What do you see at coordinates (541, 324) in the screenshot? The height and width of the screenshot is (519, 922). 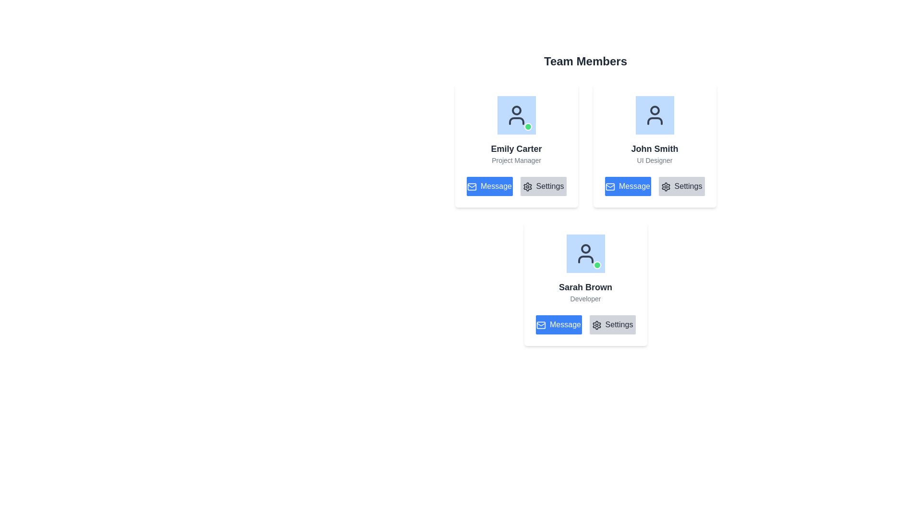 I see `the bottom part of the mail envelope icon, which is part of the mail icon adjacent to the blue 'Message' button under John Smith's profile box` at bounding box center [541, 324].